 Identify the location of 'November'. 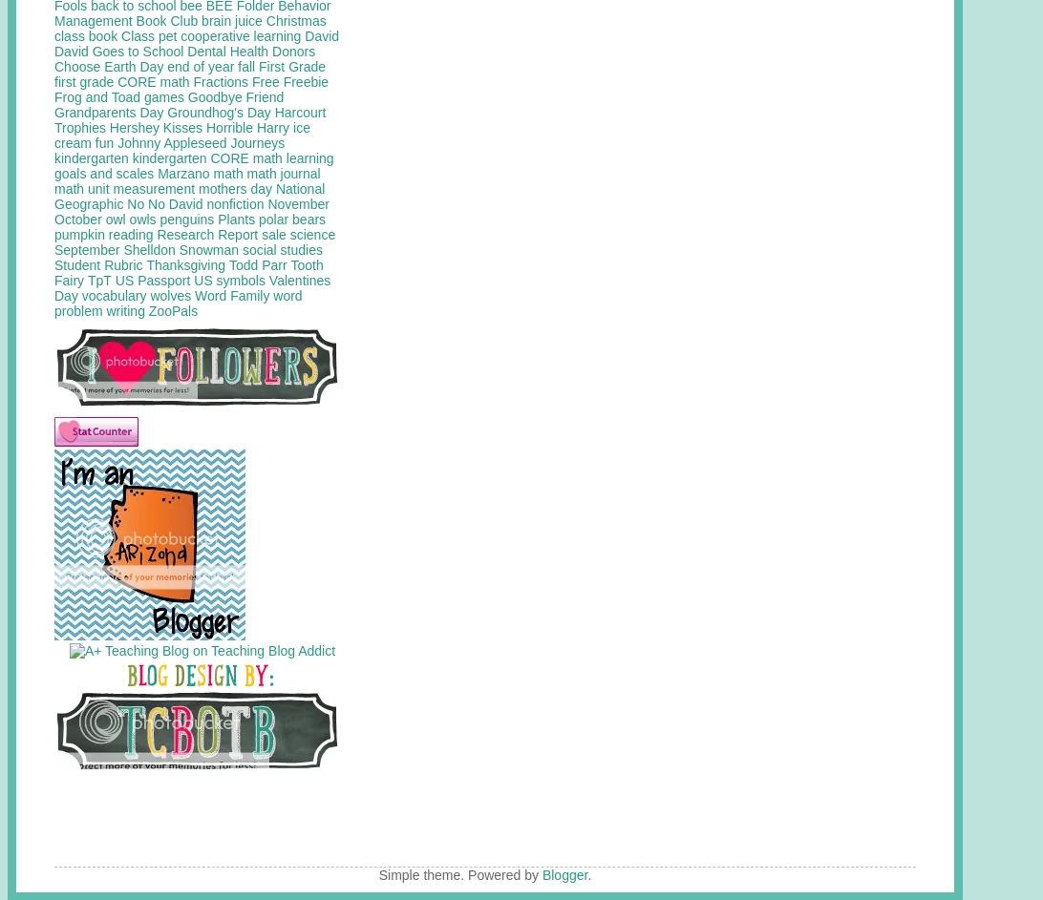
(297, 203).